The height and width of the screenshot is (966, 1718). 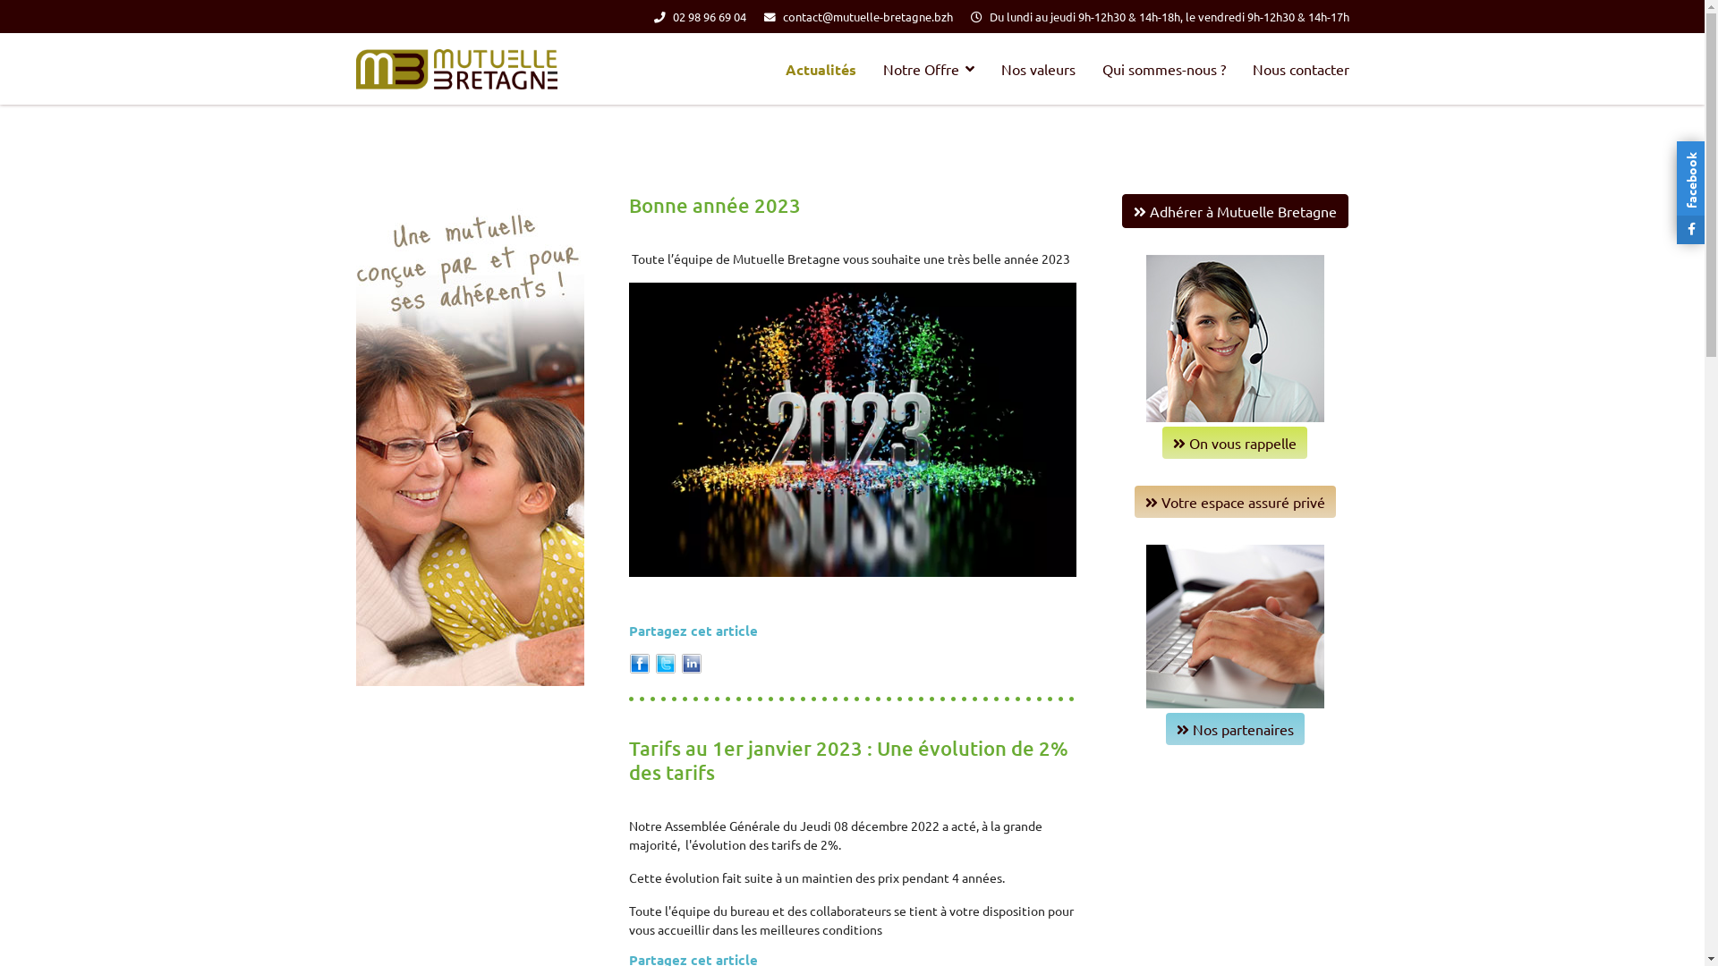 What do you see at coordinates (1163, 68) in the screenshot?
I see `'Qui sommes-nous ?'` at bounding box center [1163, 68].